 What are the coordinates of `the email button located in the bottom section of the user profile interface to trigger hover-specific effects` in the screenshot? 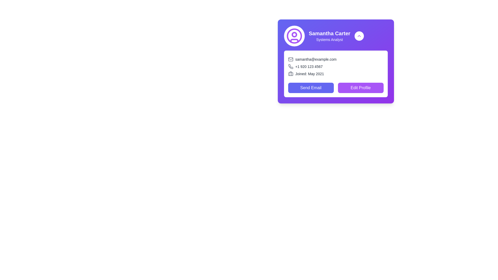 It's located at (311, 88).